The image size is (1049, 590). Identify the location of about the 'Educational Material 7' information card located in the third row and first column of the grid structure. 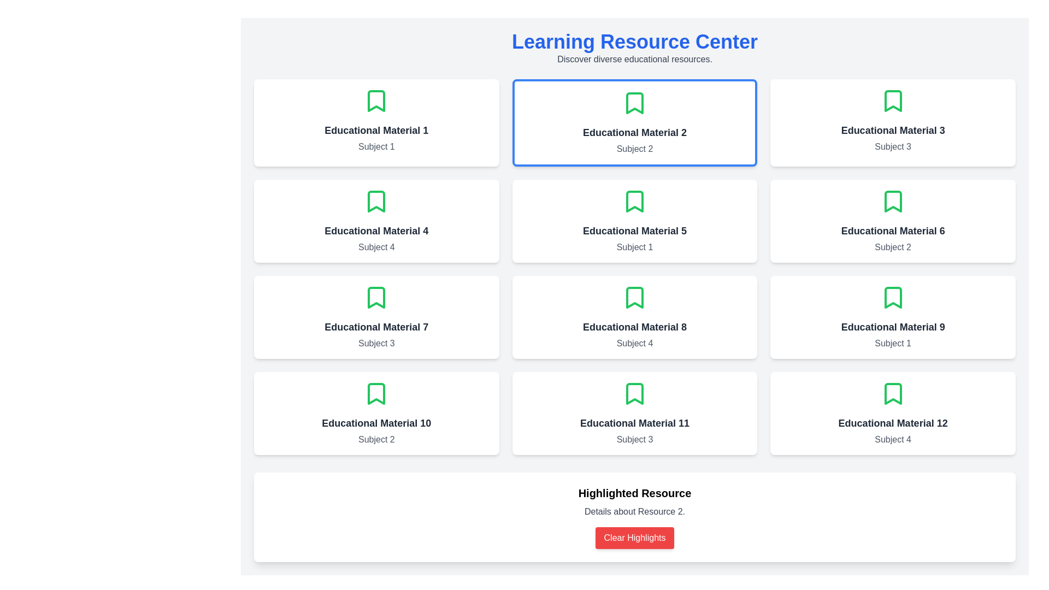
(376, 317).